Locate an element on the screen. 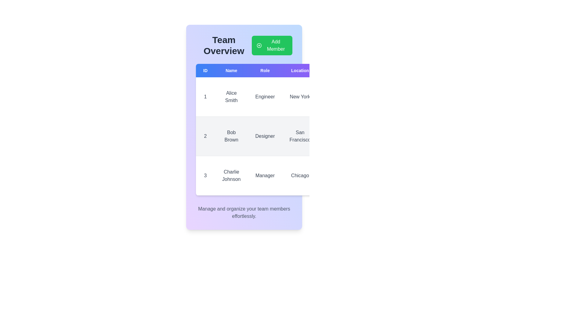 Image resolution: width=586 pixels, height=330 pixels. the first row of the table containing '1', 'Alice Smith', 'Engineer', and 'New York' is located at coordinates (272, 97).